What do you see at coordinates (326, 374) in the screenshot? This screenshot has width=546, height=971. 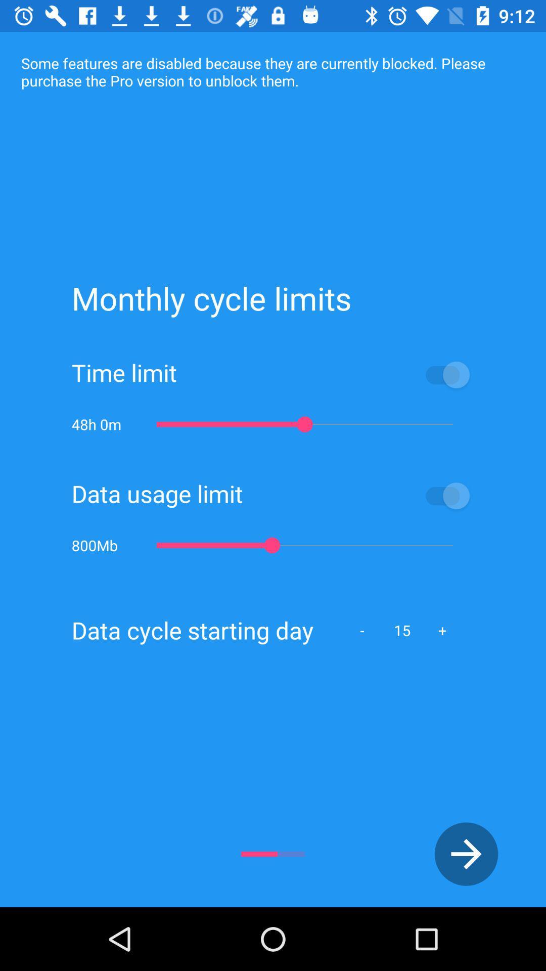 I see `set time limit` at bounding box center [326, 374].